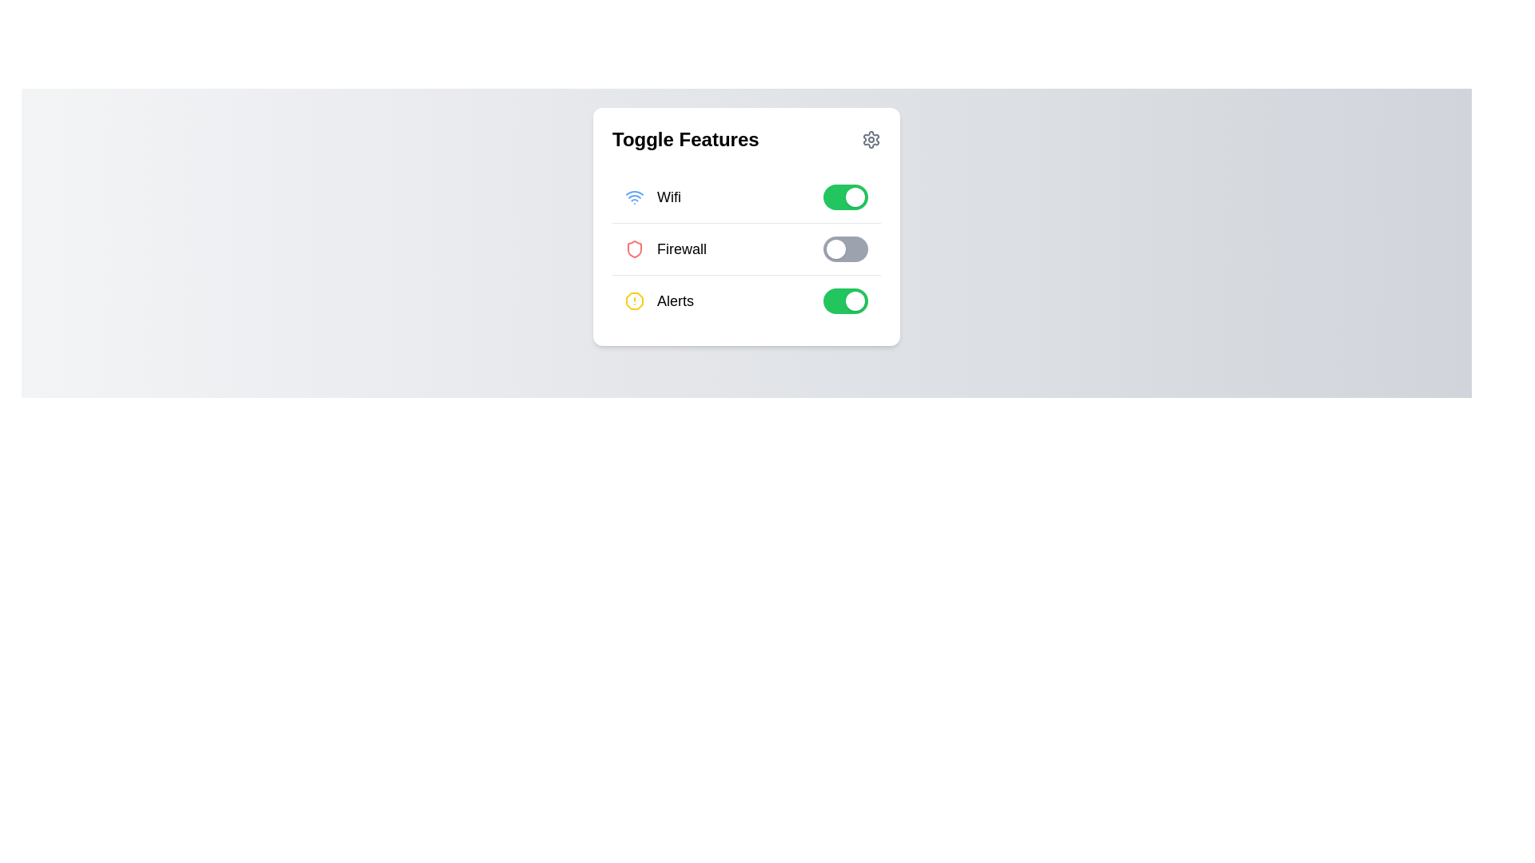 This screenshot has width=1535, height=863. I want to click on the 'Alerts' icon in the feature toggle panel, which is located to the left of the green toggle switch and aligns with the label text 'Alerts', so click(633, 301).